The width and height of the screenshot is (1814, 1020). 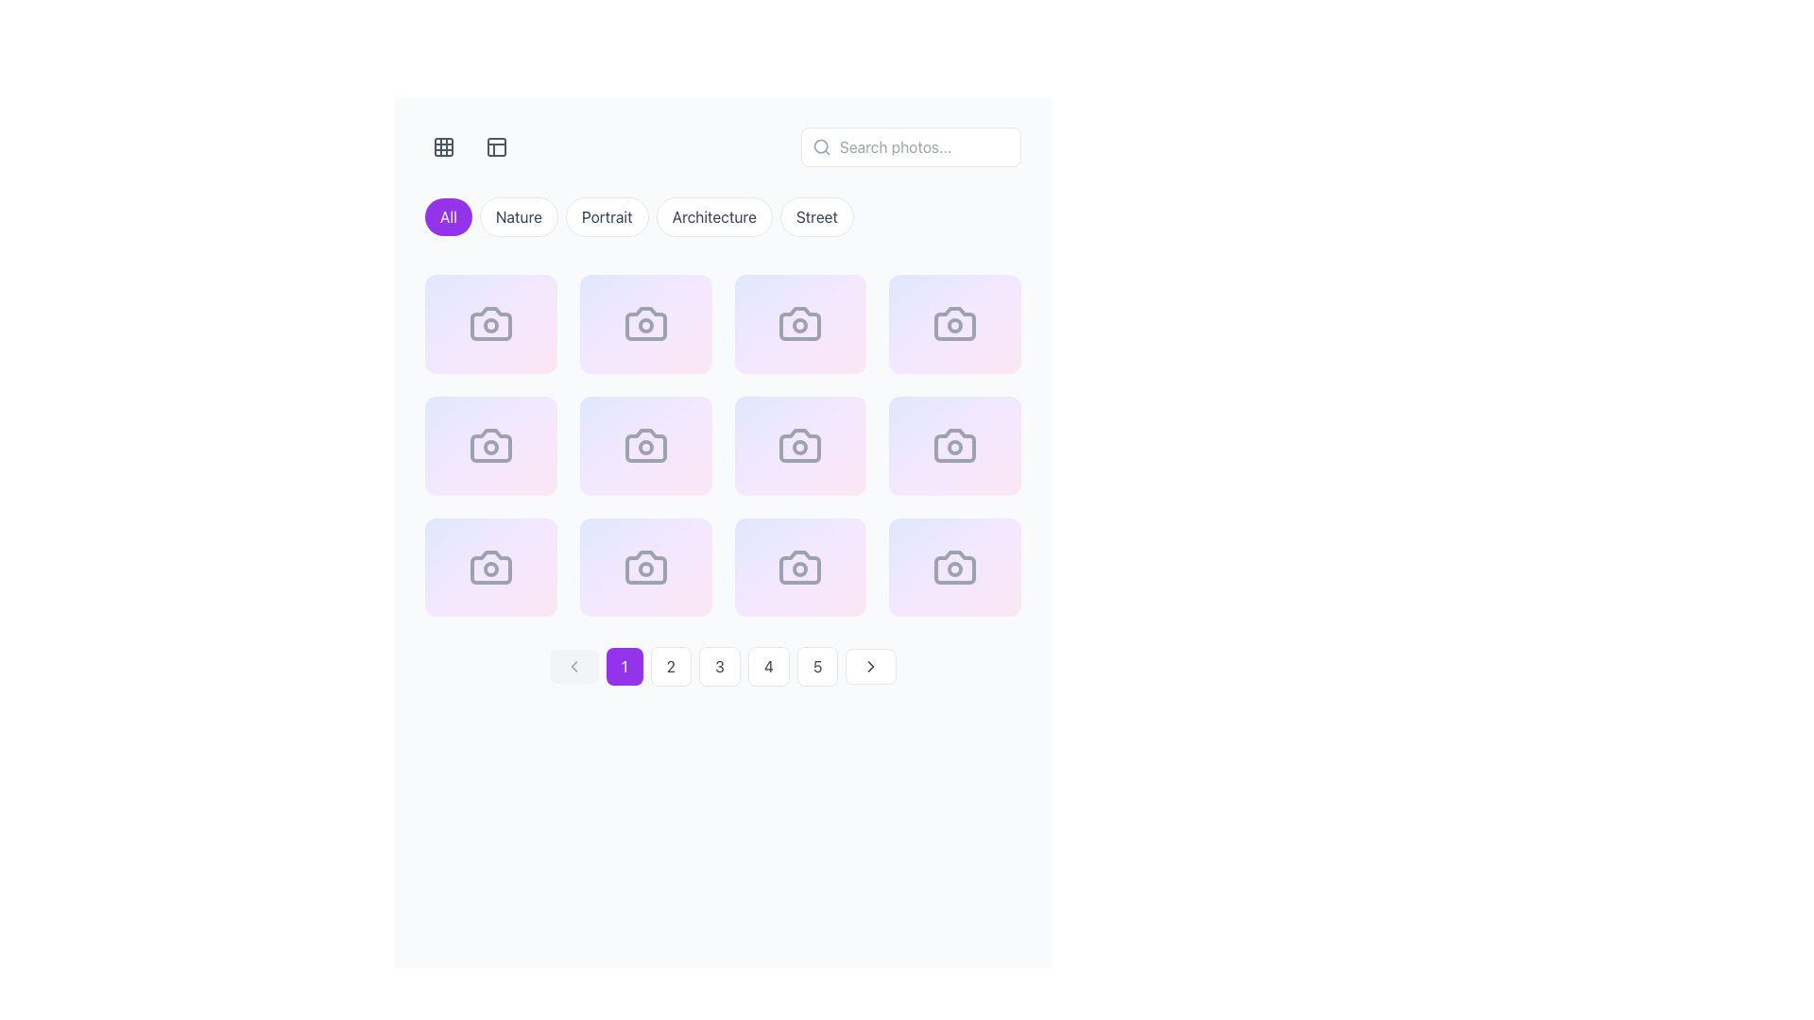 What do you see at coordinates (722, 220) in the screenshot?
I see `the 'Architecture' button, which is the fourth button in a horizontal group of category buttons, to apply the filter` at bounding box center [722, 220].